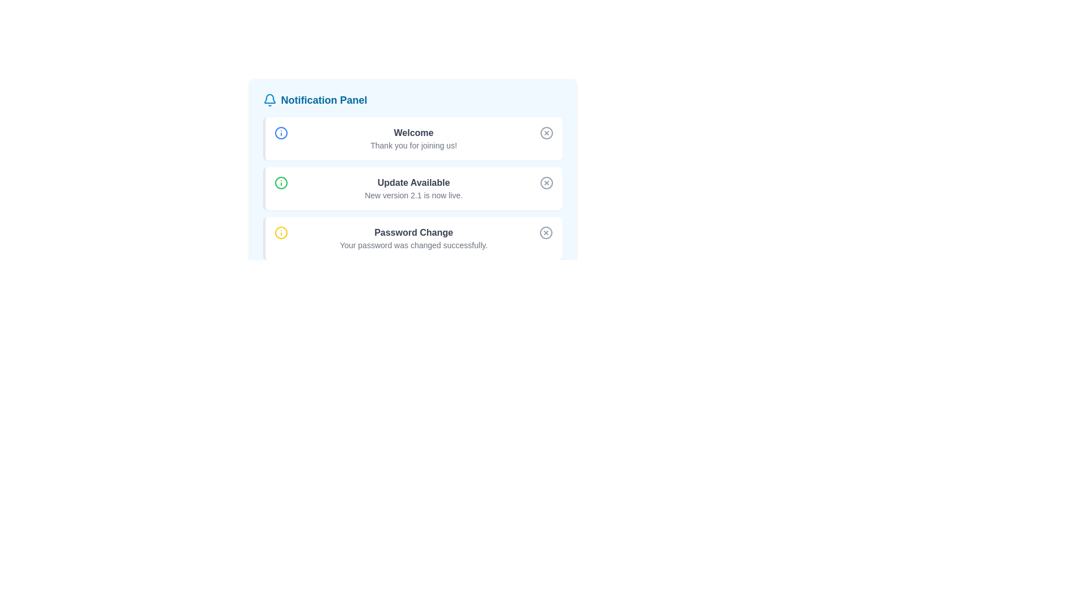 The width and height of the screenshot is (1089, 612). I want to click on the text label displaying the confirmation message for password update, located in the bottom section of the notification panel under the 'Password Change' heading, so click(413, 244).